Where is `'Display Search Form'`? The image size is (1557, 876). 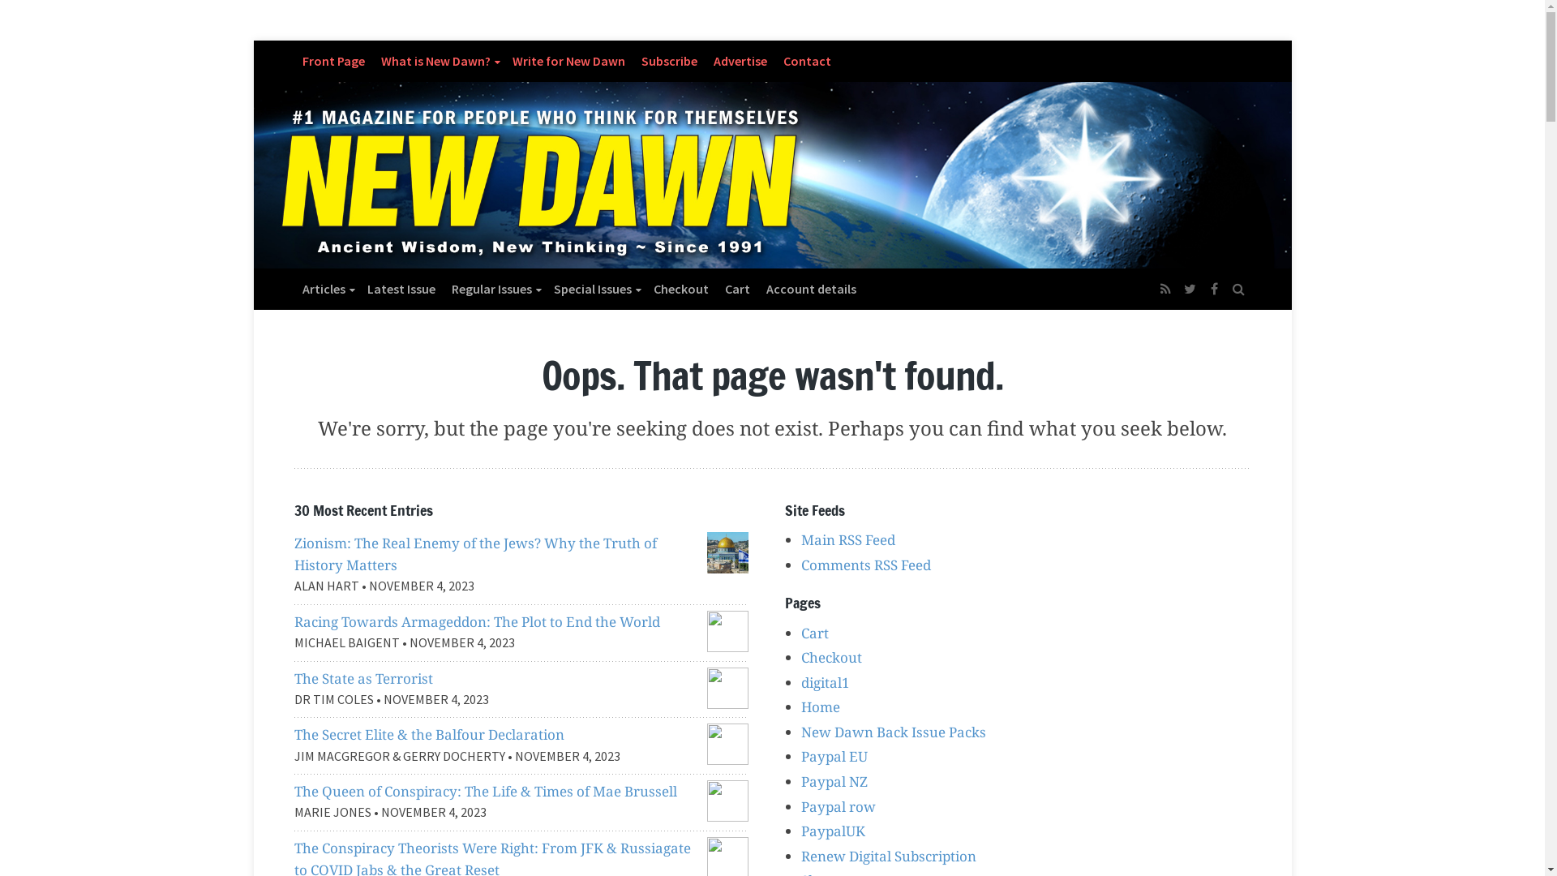
'Display Search Form' is located at coordinates (1237, 280).